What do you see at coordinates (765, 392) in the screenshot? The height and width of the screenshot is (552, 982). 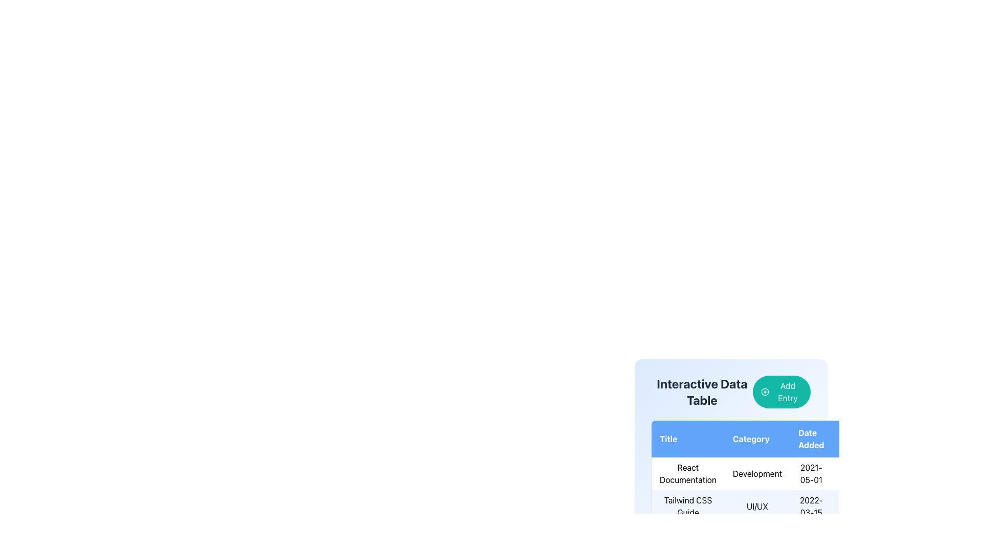 I see `the circular SVG graphic element representing a 'plus-circle' icon located in the top-right corner adjacent to the 'Add Entry' button` at bounding box center [765, 392].